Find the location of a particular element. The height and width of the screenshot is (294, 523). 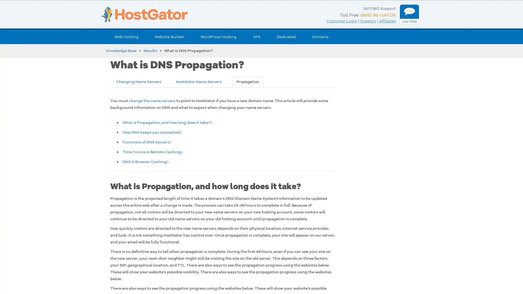

Close is located at coordinates (99, 208).